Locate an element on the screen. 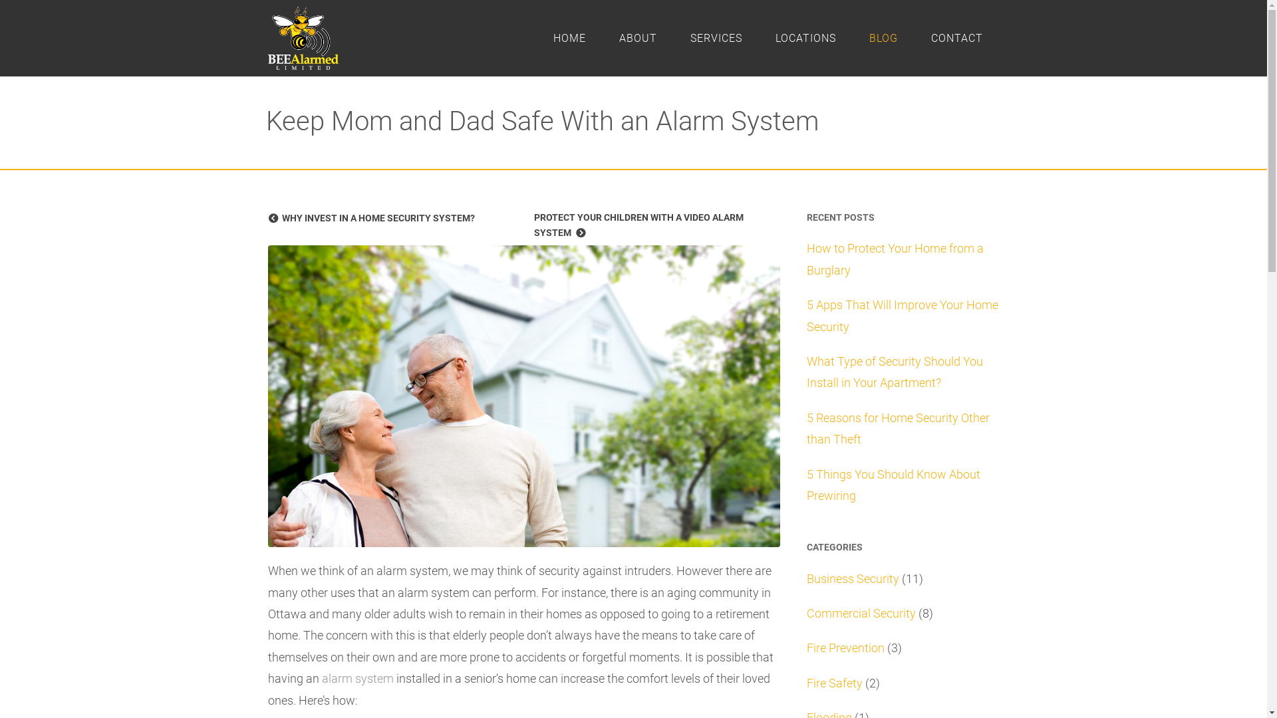 The height and width of the screenshot is (718, 1277). 'How to Protect Your Home from a Burglary' is located at coordinates (894, 259).